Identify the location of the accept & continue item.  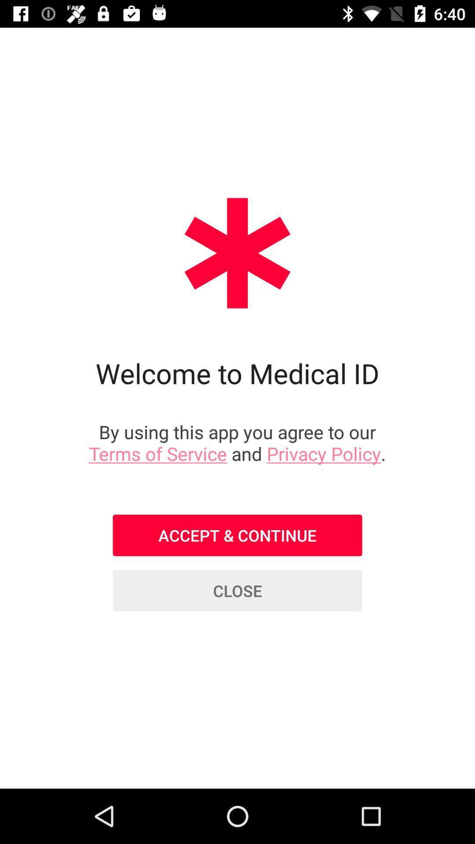
(237, 535).